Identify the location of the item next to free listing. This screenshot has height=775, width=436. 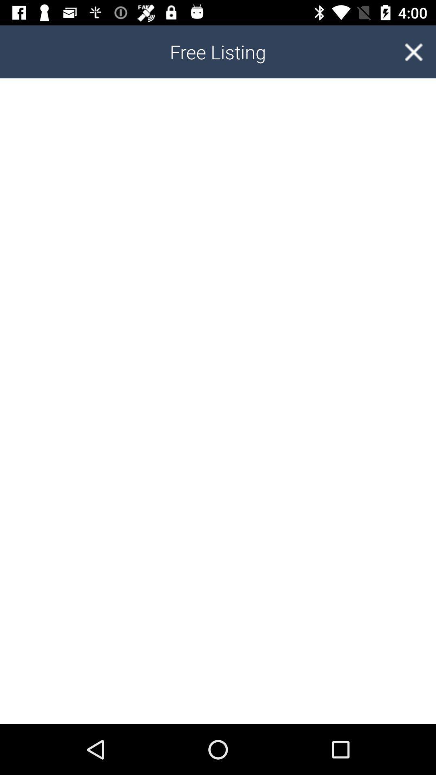
(413, 51).